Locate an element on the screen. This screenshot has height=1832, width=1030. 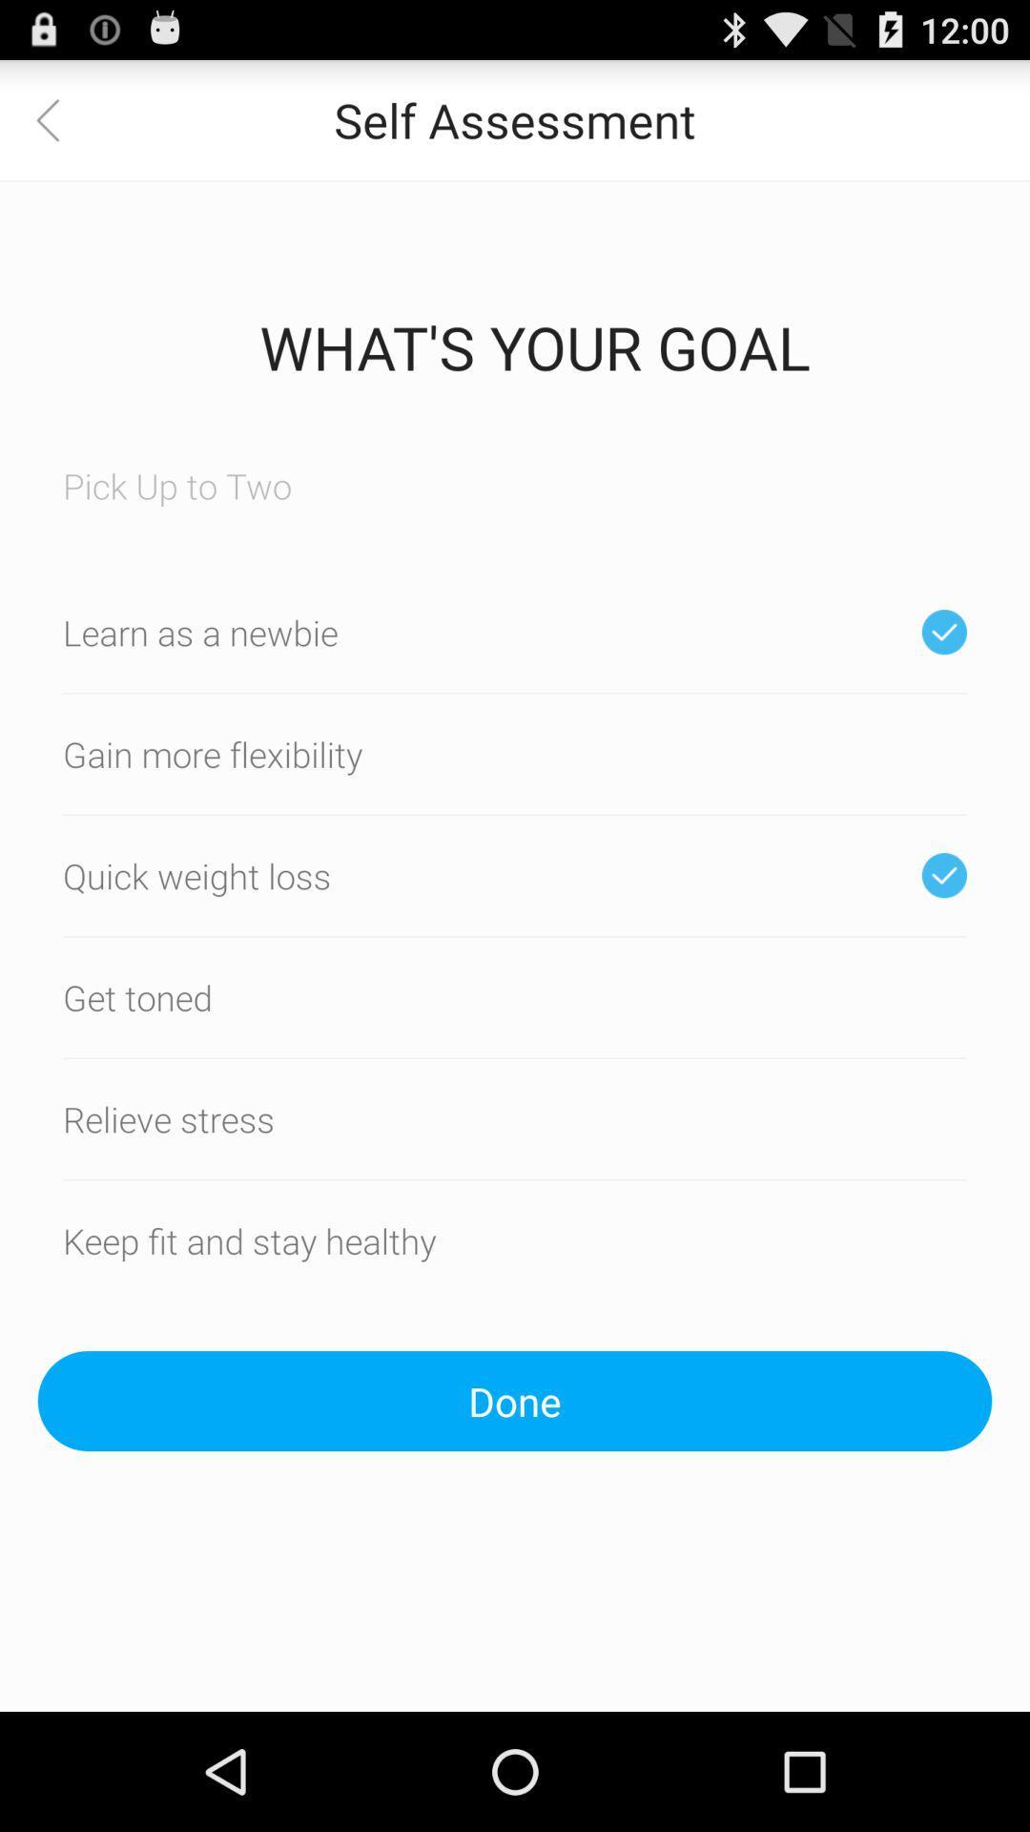
done at the bottom is located at coordinates (515, 1401).